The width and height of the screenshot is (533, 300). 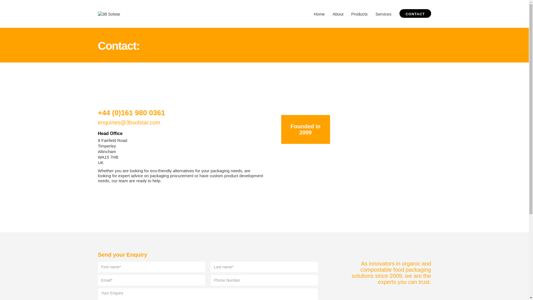 I want to click on 'About', so click(x=338, y=14).